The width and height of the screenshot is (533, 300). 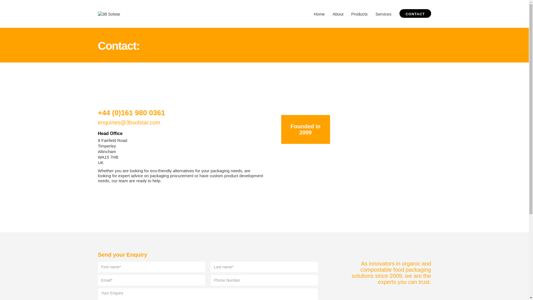 I want to click on 'About', so click(x=338, y=14).